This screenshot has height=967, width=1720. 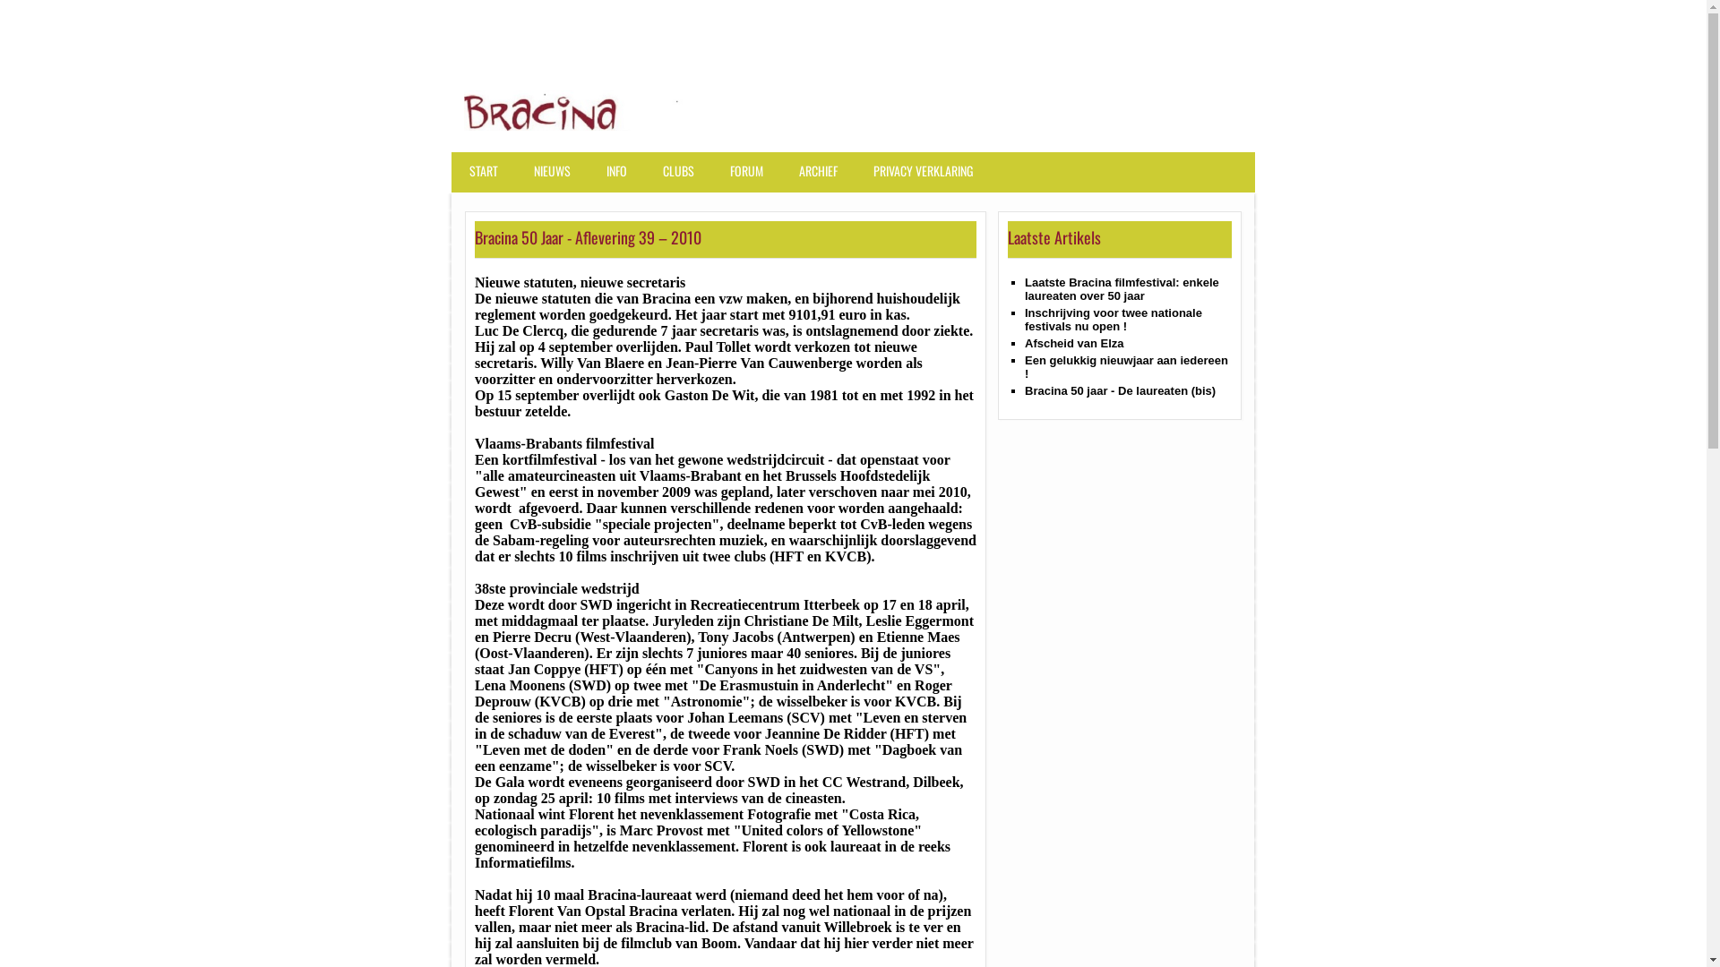 I want to click on 'INFO', so click(x=598, y=179).